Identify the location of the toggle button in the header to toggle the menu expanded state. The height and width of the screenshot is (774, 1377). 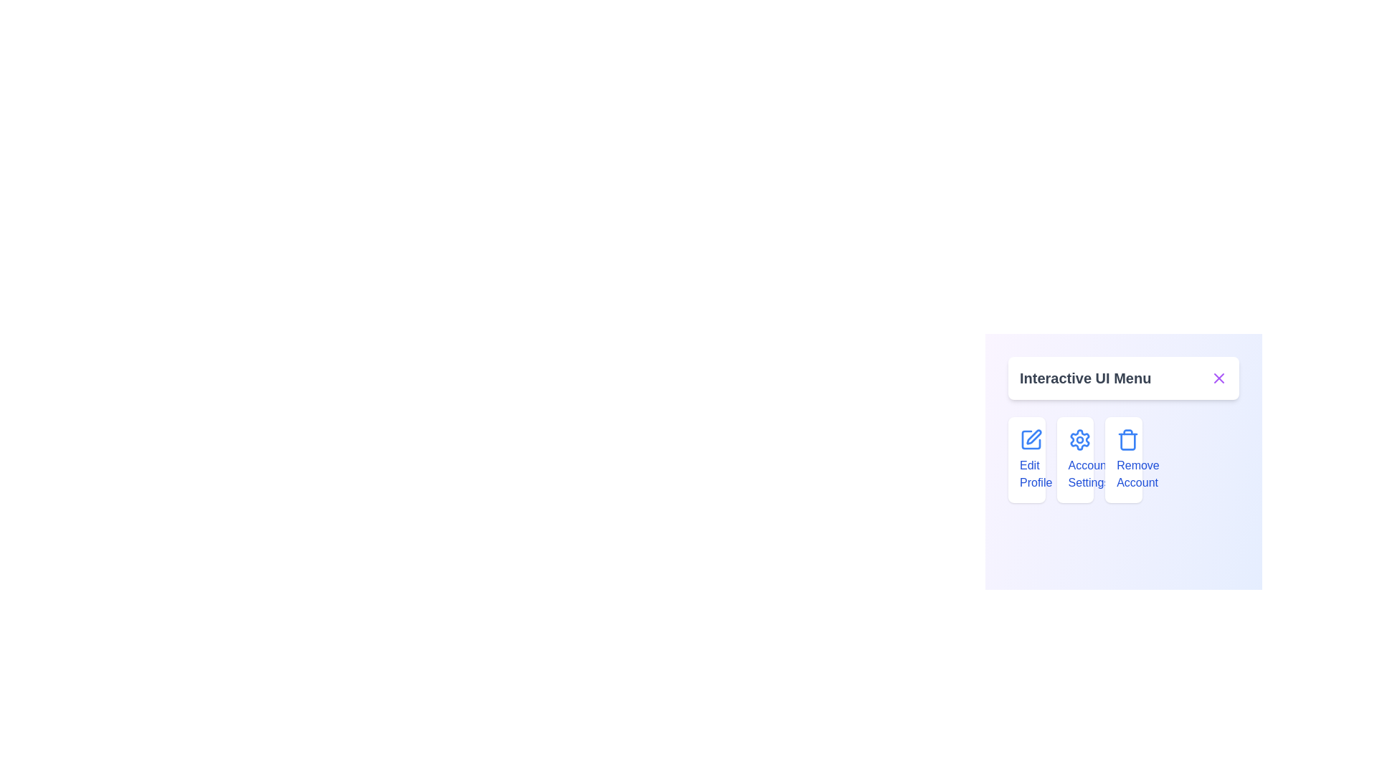
(1218, 378).